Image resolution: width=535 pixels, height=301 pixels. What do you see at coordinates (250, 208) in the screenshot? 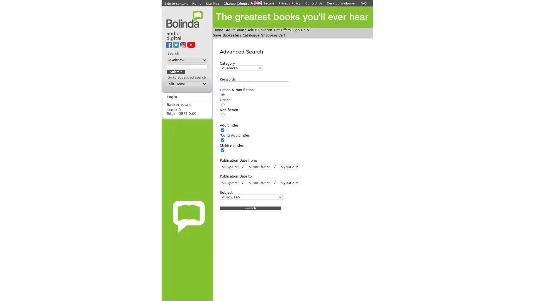
I see `Search` at bounding box center [250, 208].